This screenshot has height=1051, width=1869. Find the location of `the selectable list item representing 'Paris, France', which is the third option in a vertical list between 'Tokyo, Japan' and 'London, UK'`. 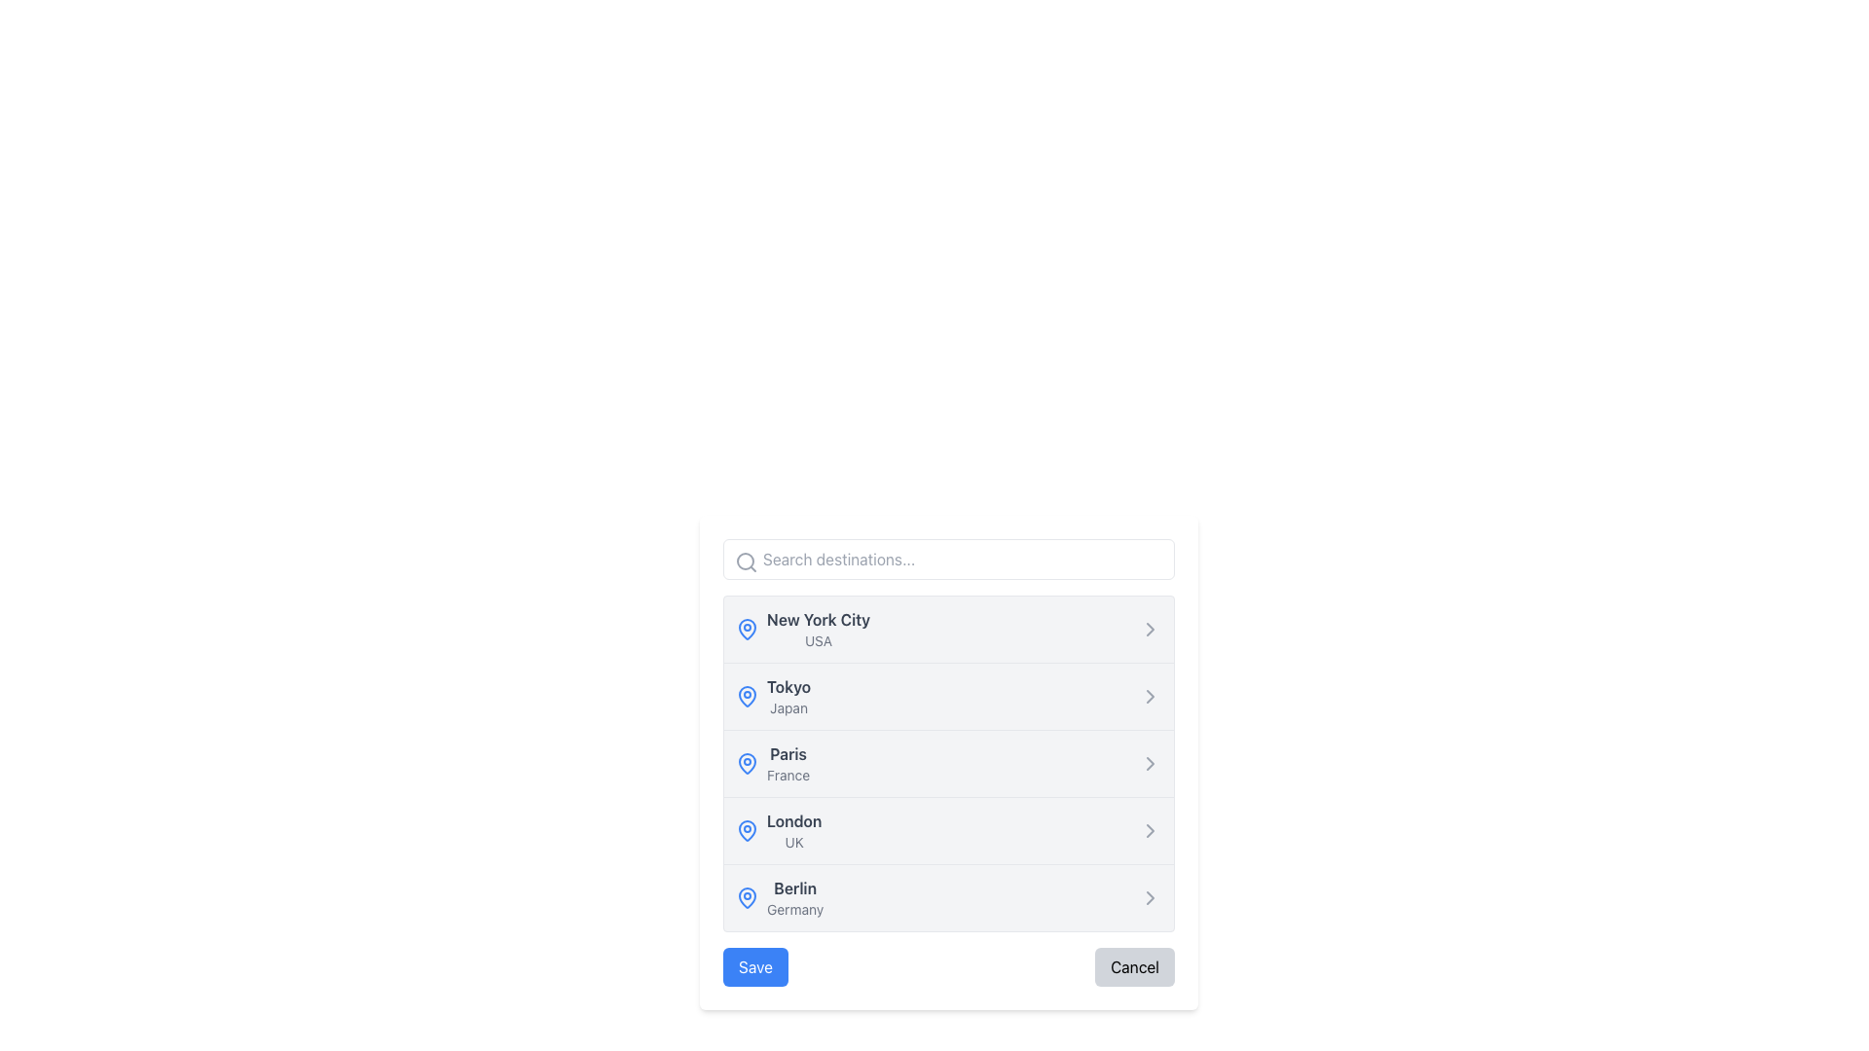

the selectable list item representing 'Paris, France', which is the third option in a vertical list between 'Tokyo, Japan' and 'London, UK' is located at coordinates (948, 762).